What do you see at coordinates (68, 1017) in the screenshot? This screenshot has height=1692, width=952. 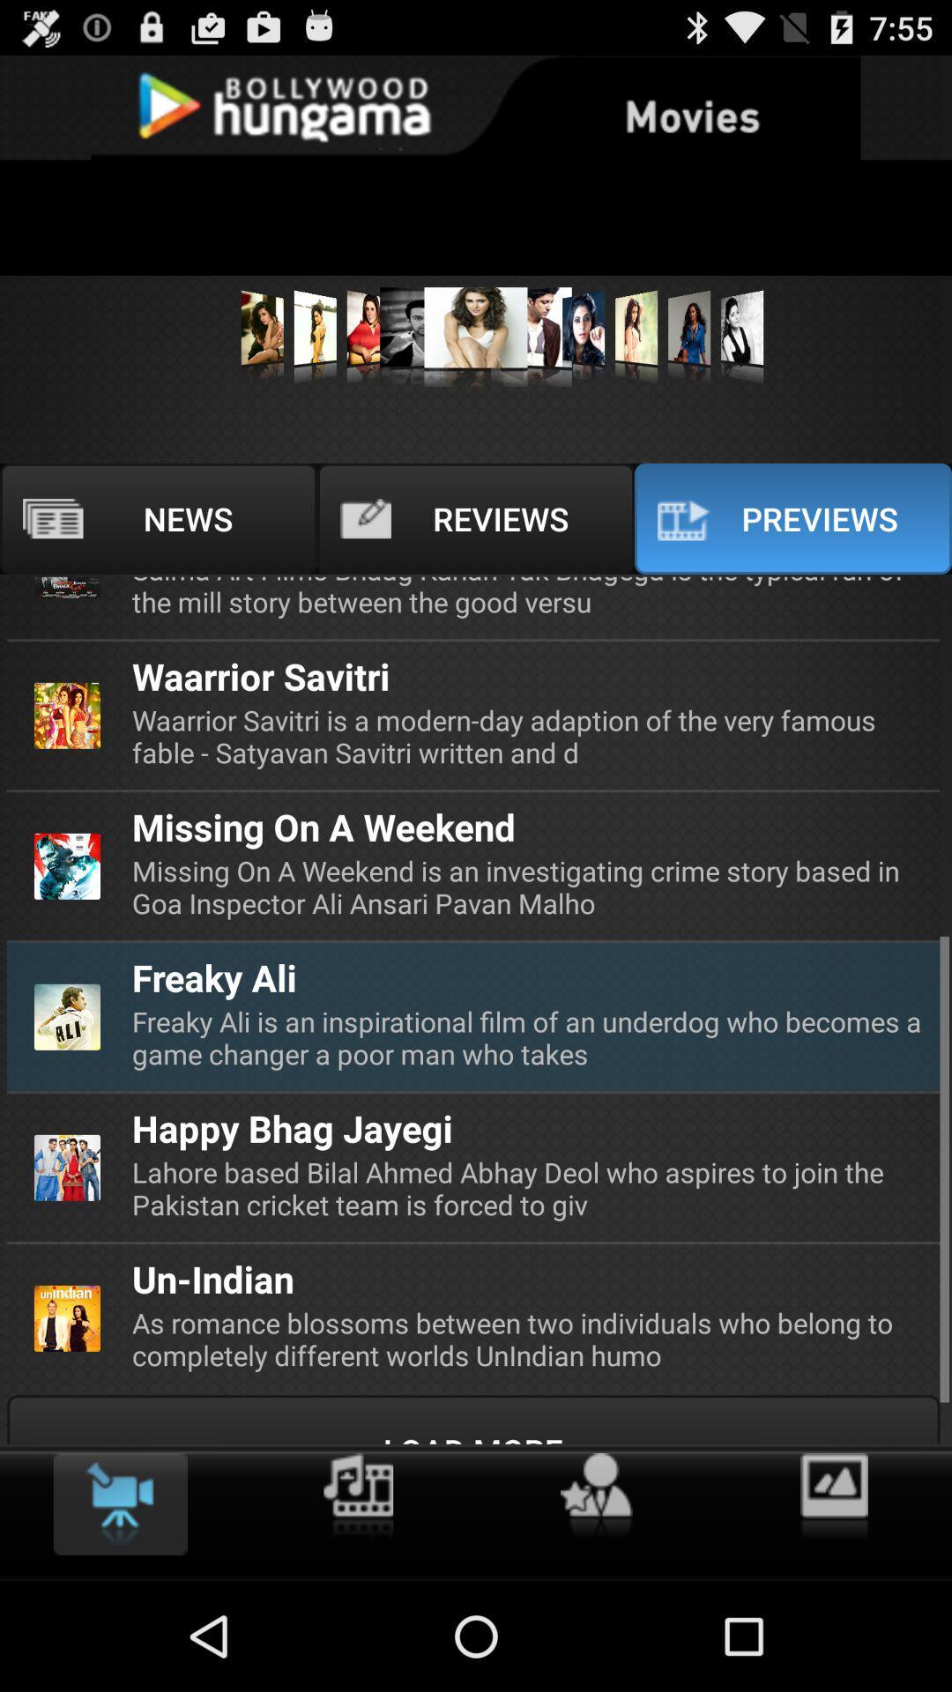 I see `the image to the left side of the freaky ali` at bounding box center [68, 1017].